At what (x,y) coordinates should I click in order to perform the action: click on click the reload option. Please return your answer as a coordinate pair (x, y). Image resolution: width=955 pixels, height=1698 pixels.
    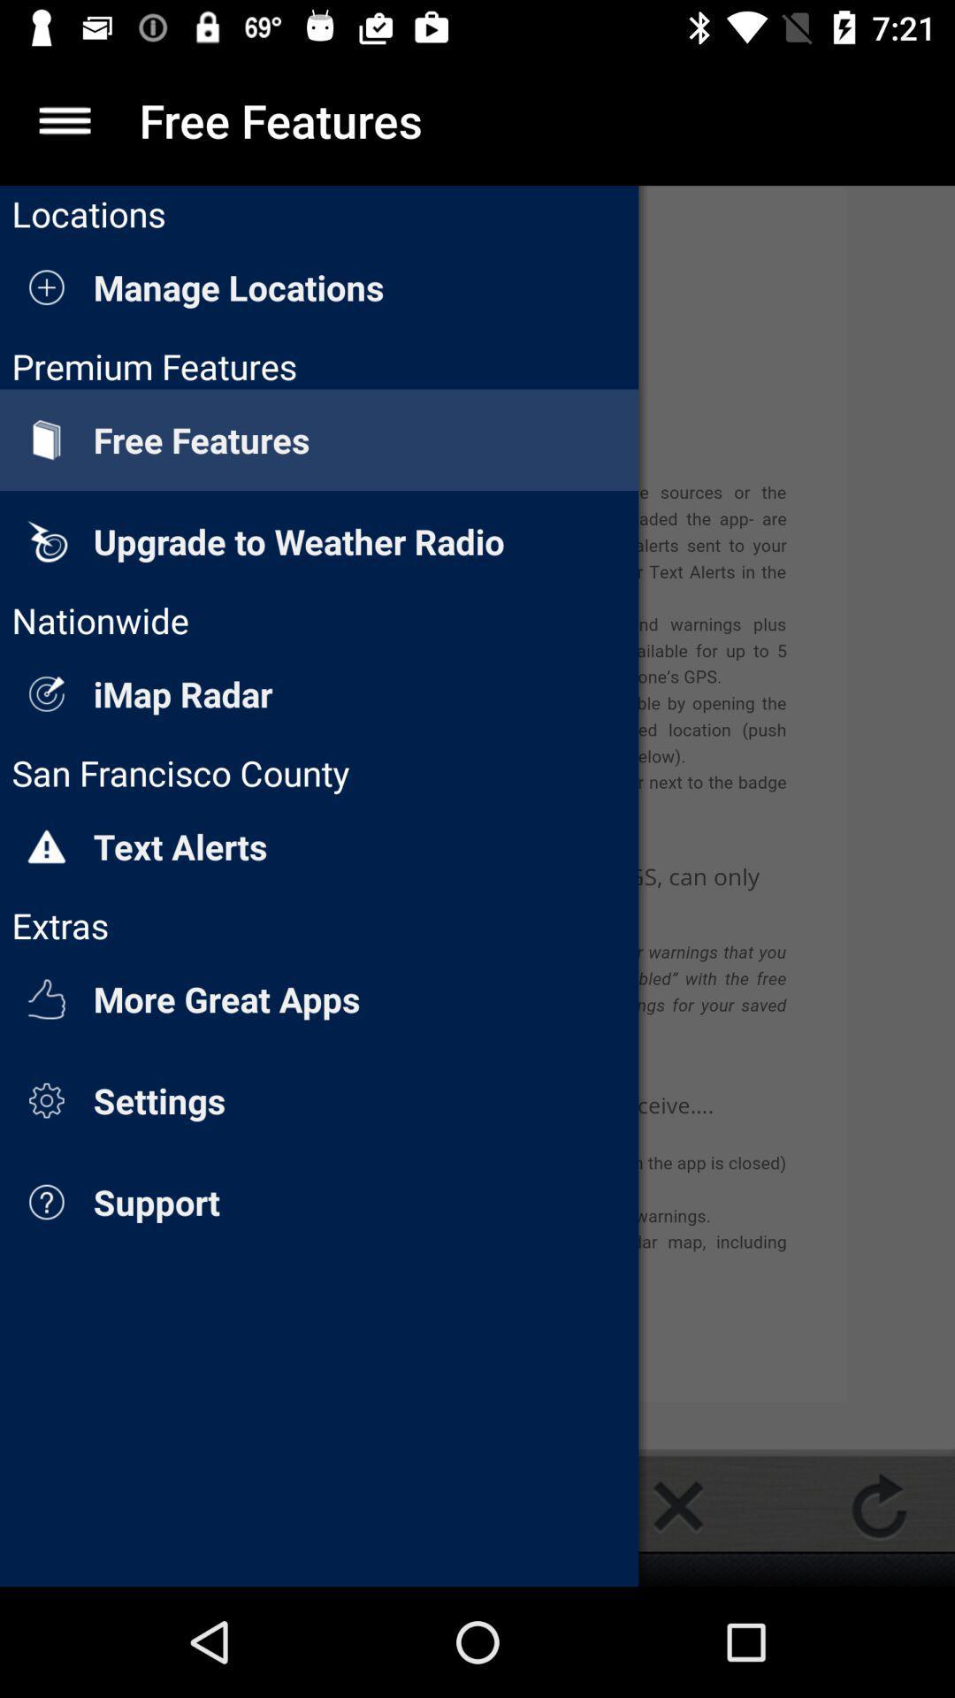
    Looking at the image, I should click on (879, 1505).